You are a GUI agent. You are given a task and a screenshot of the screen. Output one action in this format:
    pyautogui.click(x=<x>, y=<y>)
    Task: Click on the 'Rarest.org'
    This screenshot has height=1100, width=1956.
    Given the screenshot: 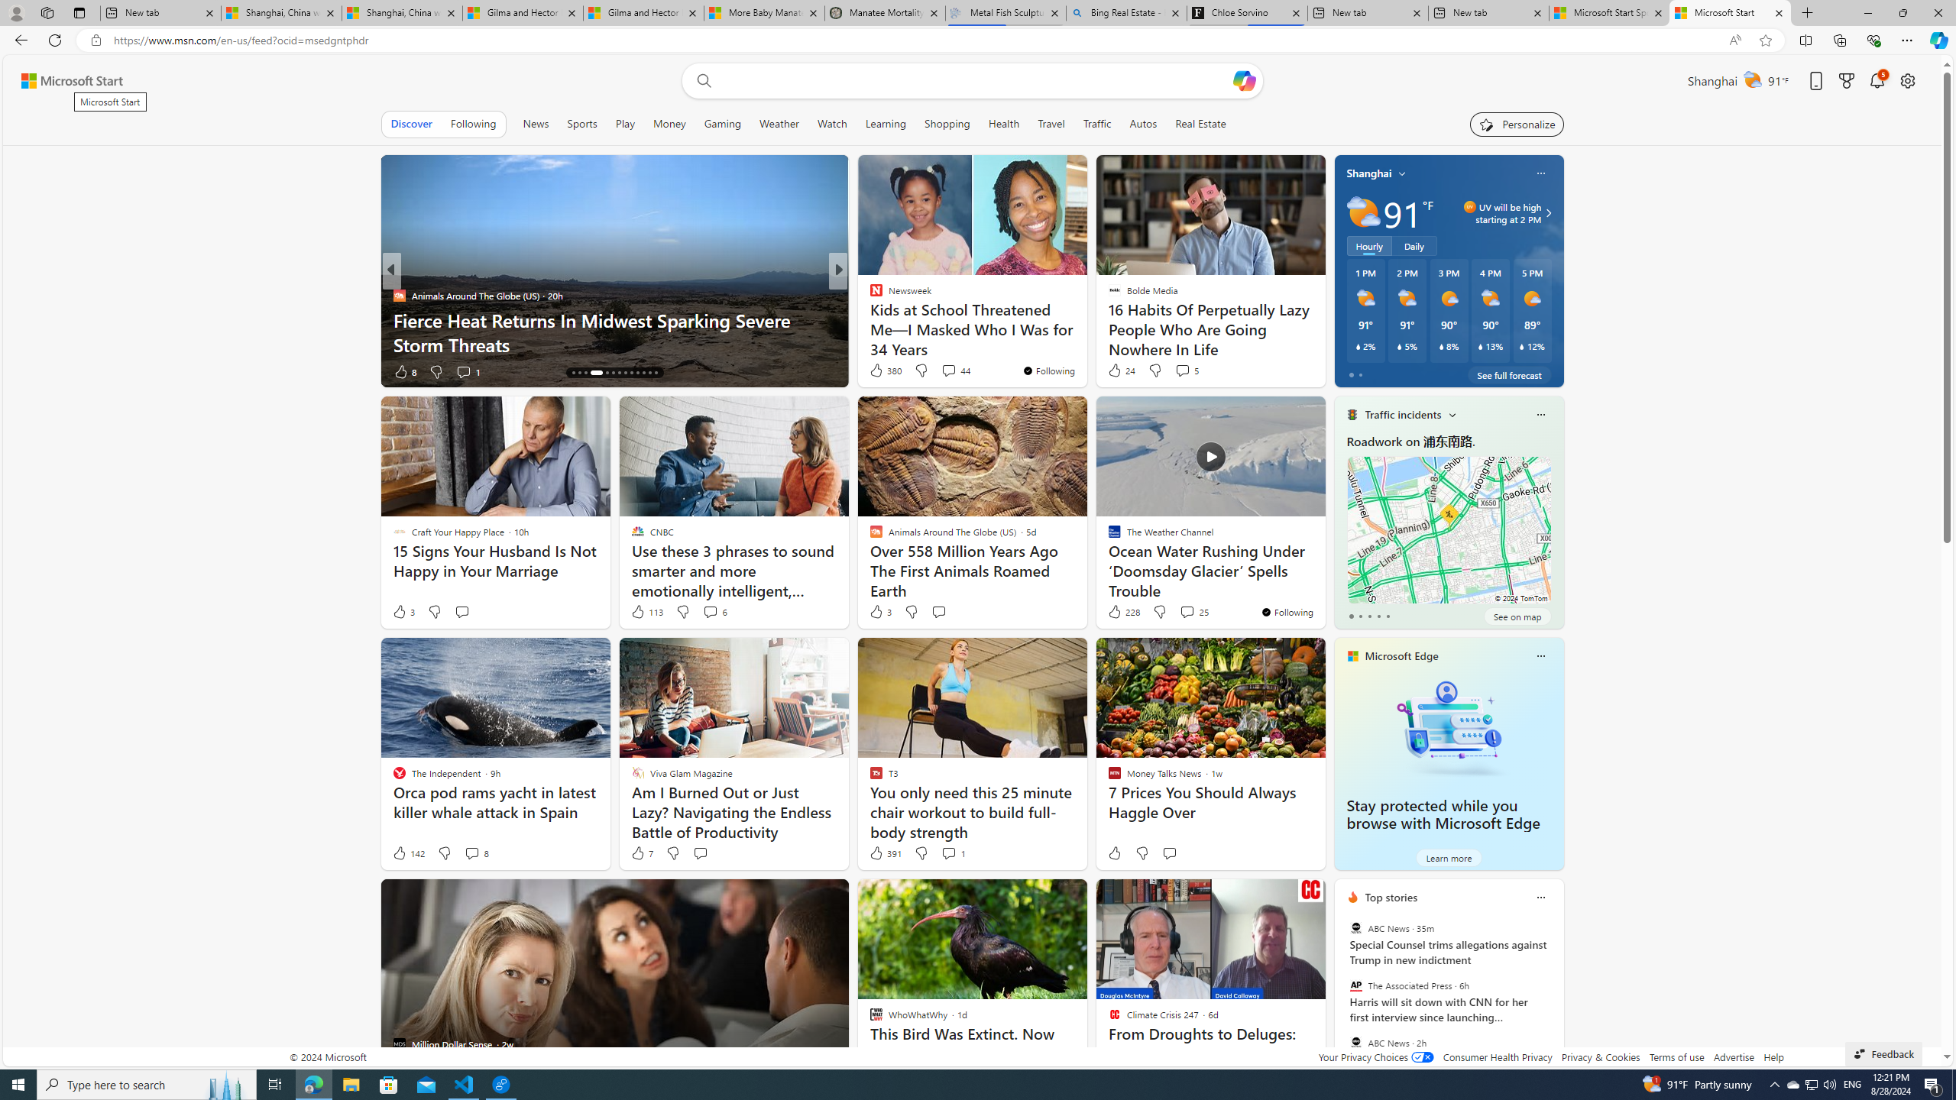 What is the action you would take?
    pyautogui.click(x=869, y=319)
    